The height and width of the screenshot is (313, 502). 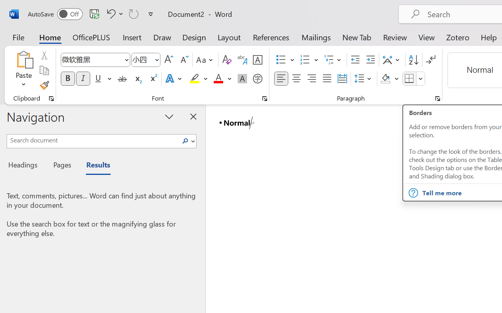 What do you see at coordinates (185, 141) in the screenshot?
I see `'Search'` at bounding box center [185, 141].